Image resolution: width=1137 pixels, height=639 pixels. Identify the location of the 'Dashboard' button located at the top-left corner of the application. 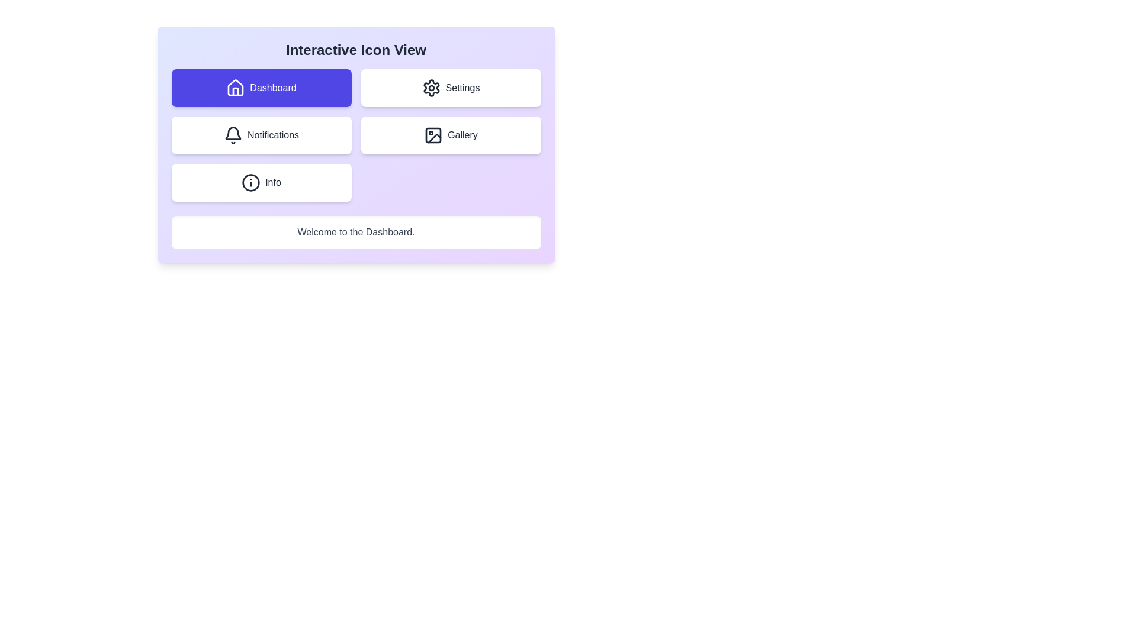
(261, 88).